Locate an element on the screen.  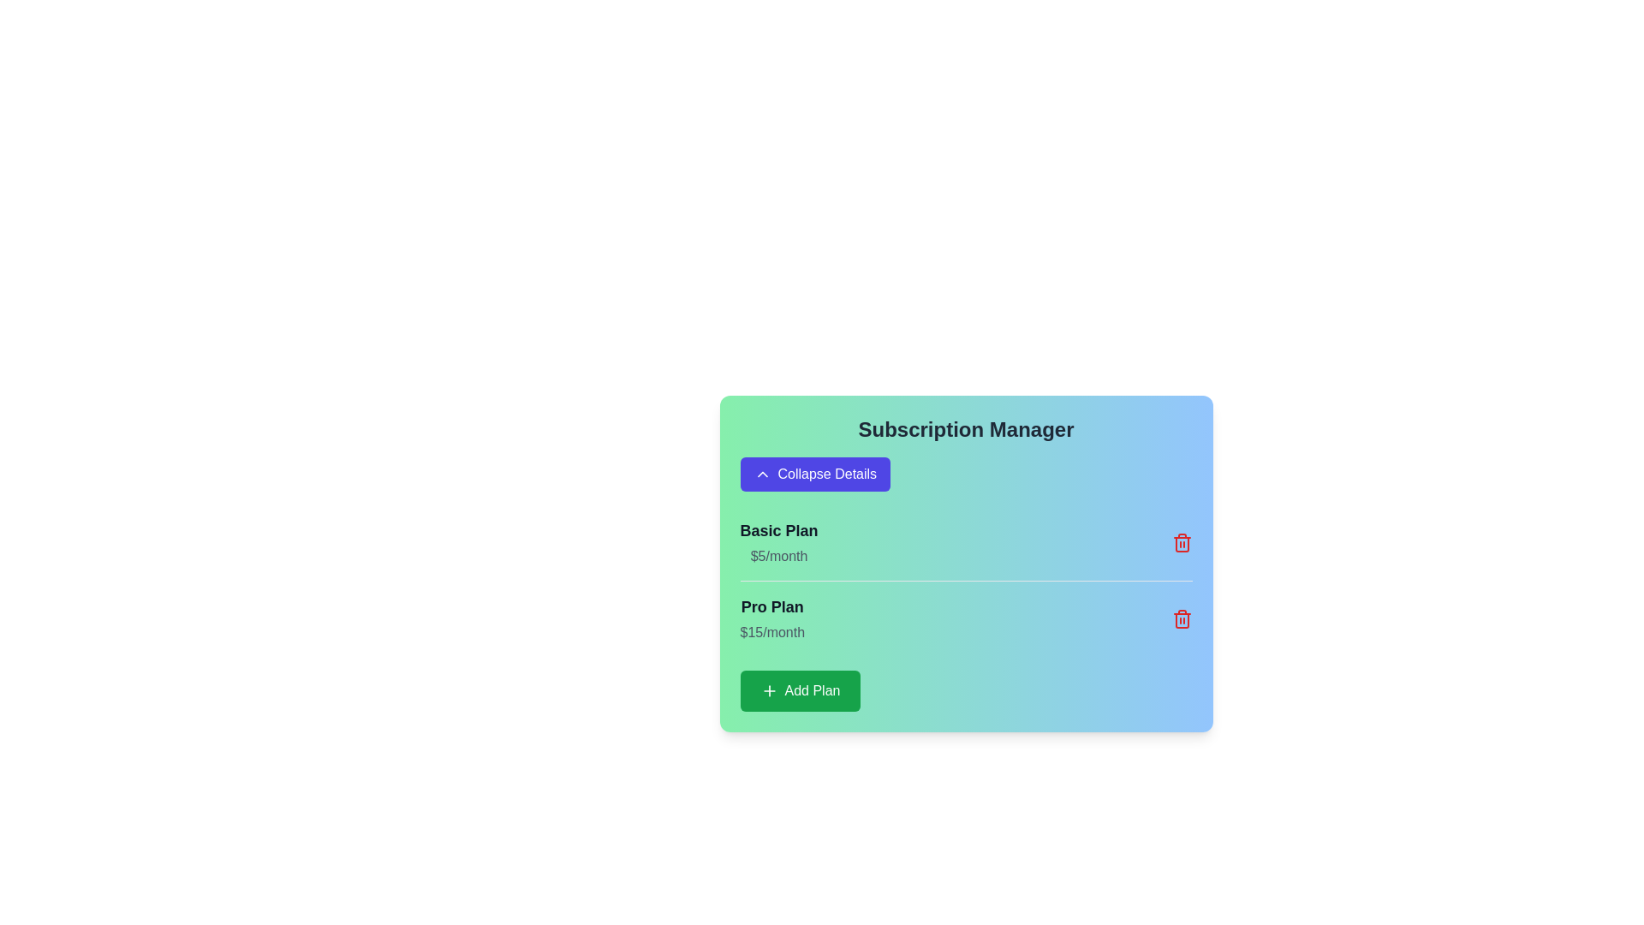
the 'Add Plan' button, which is a green button located below the subscription plans in the 'Subscription Manager' section, positioned to the right of a '+' icon is located at coordinates (812, 689).